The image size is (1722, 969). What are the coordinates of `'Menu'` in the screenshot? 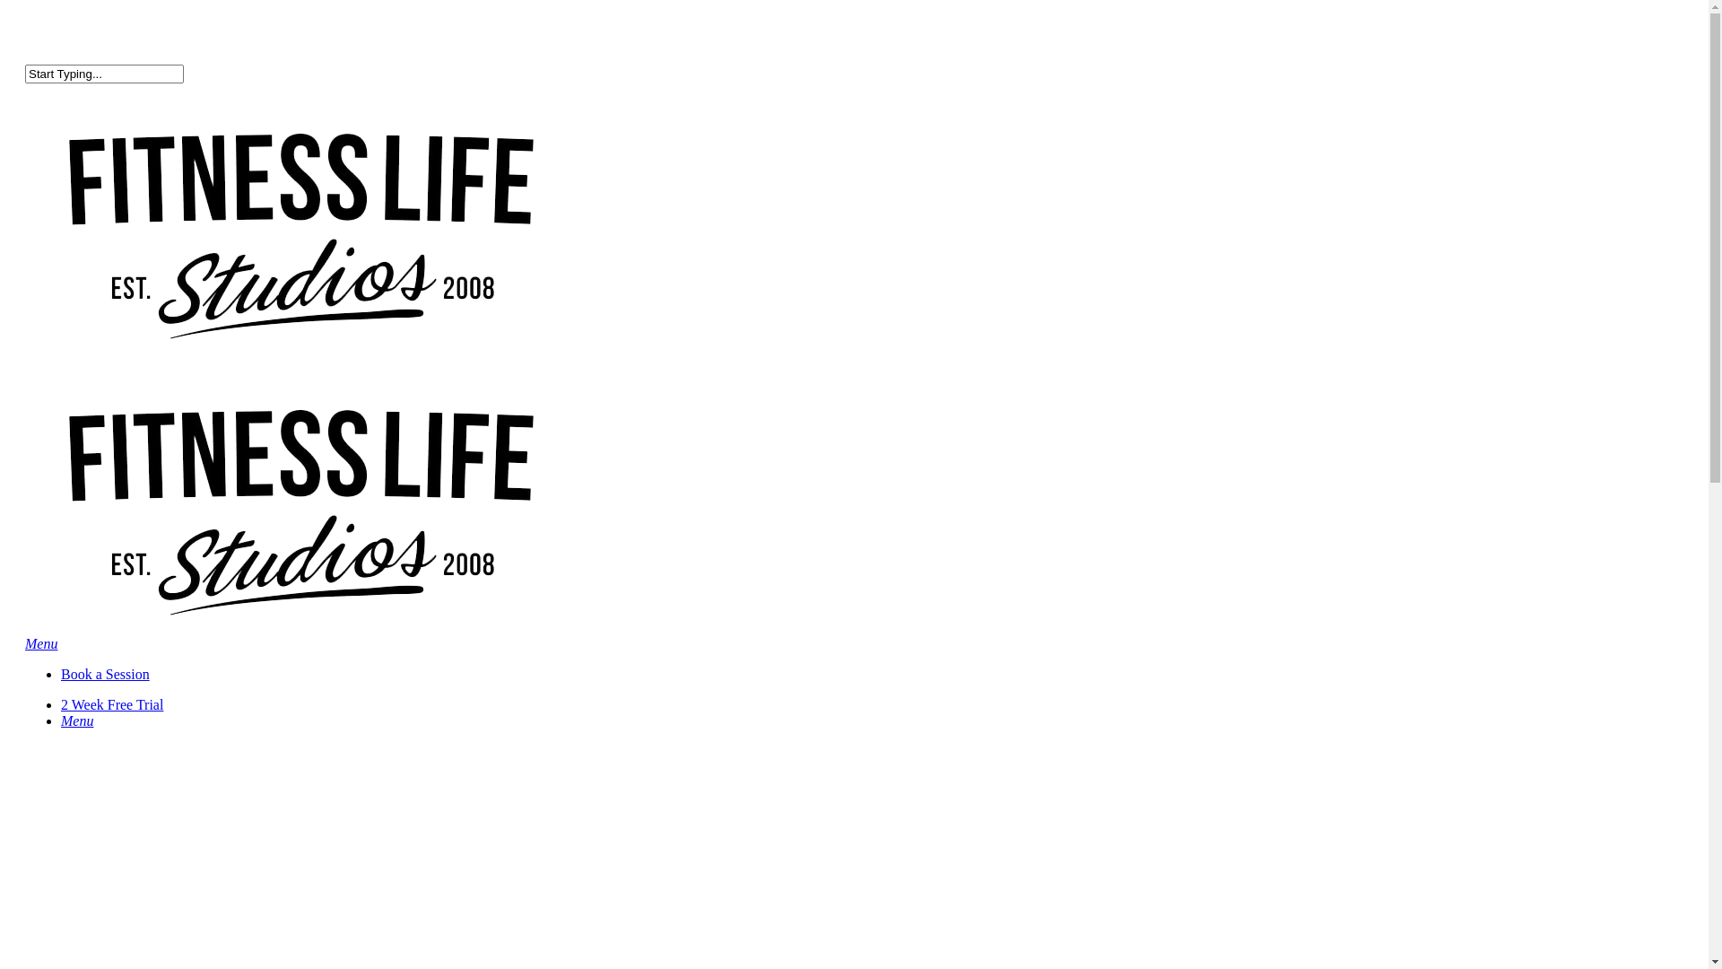 It's located at (76, 720).